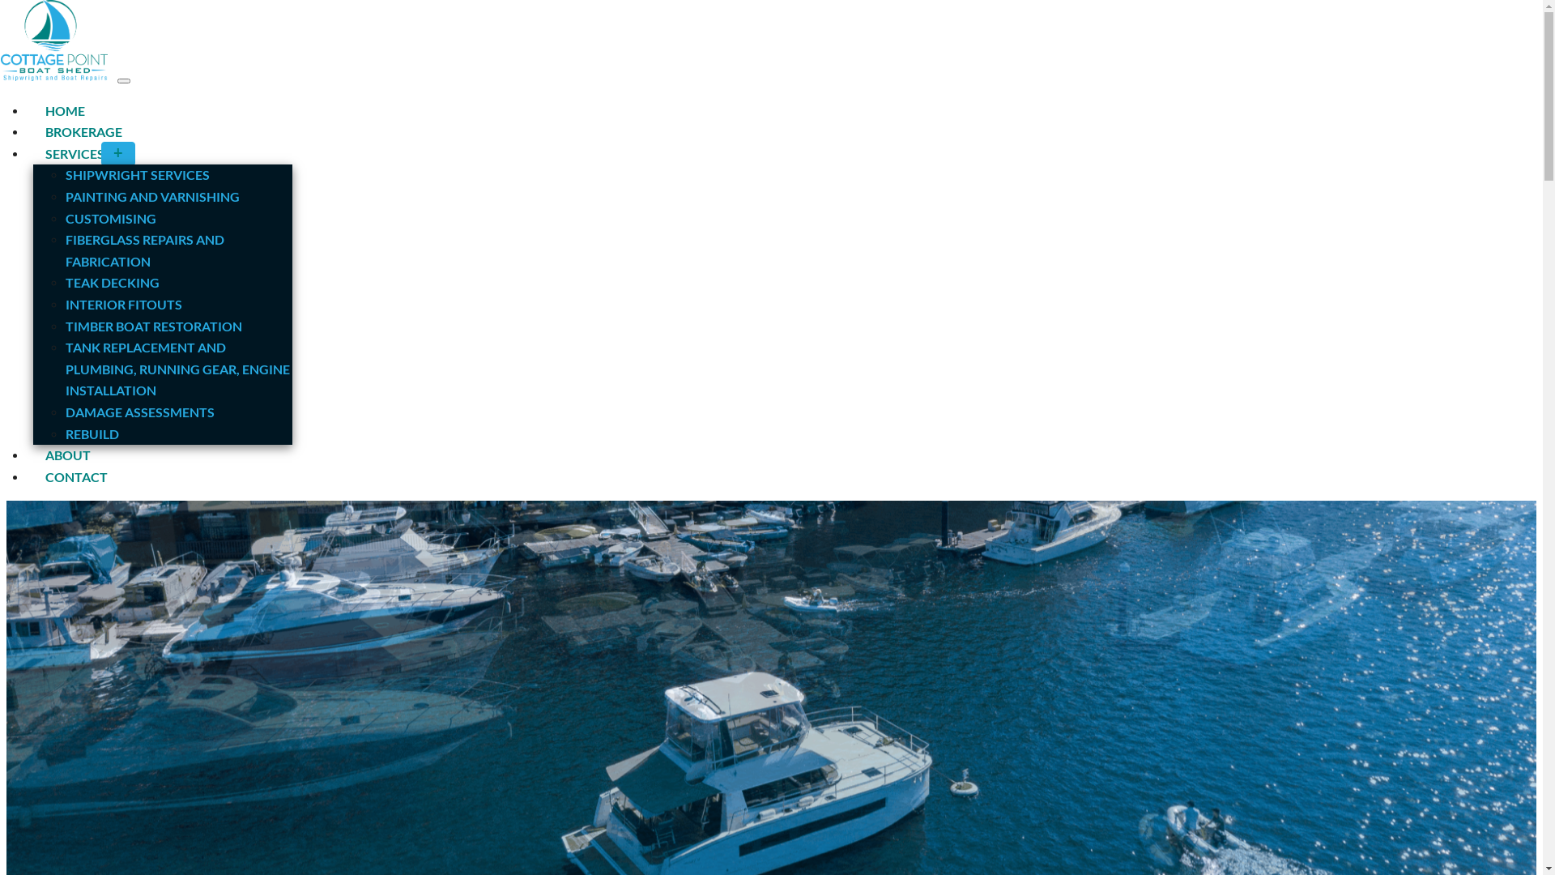 This screenshot has width=1555, height=875. I want to click on 'INTERIOR FITOUTS', so click(65, 304).